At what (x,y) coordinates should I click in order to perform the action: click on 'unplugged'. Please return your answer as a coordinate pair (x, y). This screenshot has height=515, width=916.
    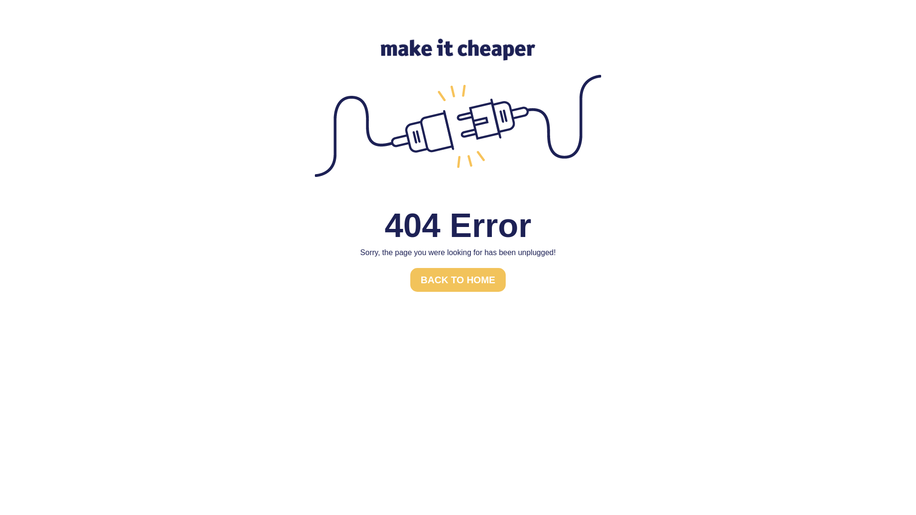
    Looking at the image, I should click on (458, 125).